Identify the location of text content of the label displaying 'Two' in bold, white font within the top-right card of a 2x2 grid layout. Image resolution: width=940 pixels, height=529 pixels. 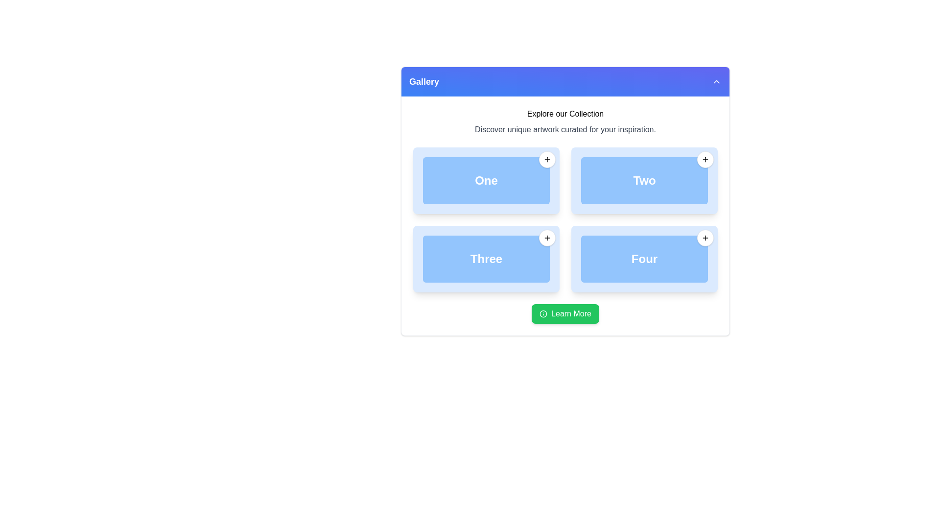
(644, 181).